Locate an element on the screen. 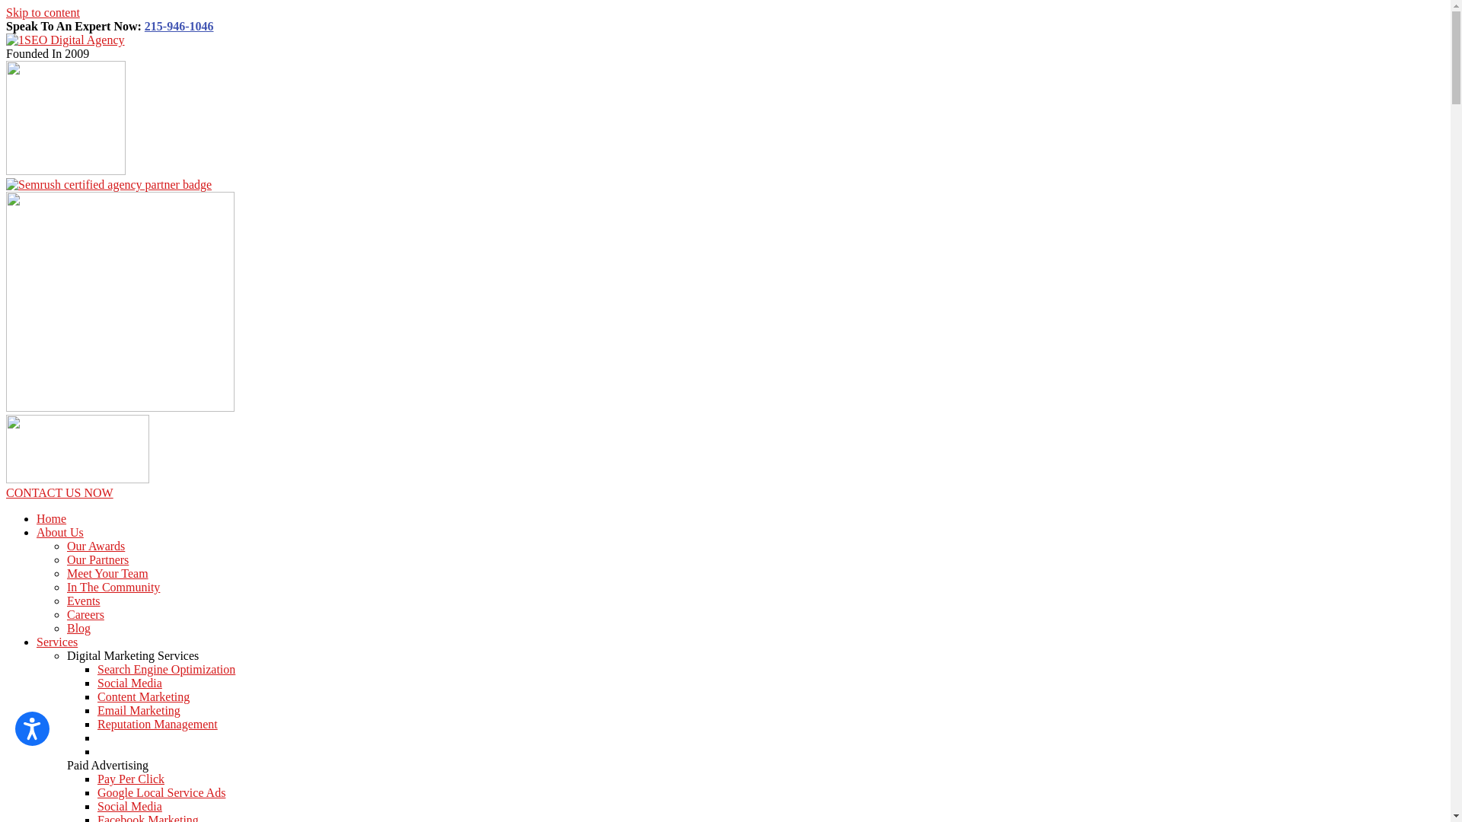  'About Us' is located at coordinates (59, 531).